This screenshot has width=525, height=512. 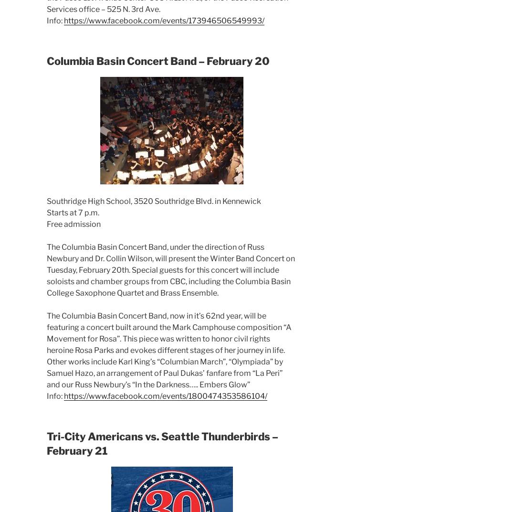 What do you see at coordinates (73, 223) in the screenshot?
I see `'Free admission'` at bounding box center [73, 223].